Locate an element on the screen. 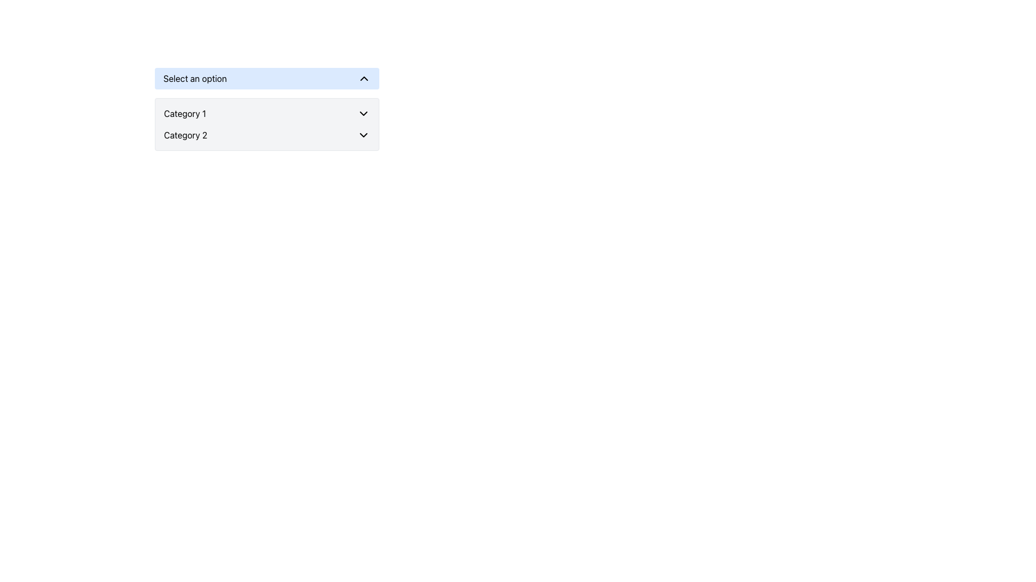 Image resolution: width=1036 pixels, height=582 pixels. the first option 'Category 1' in the dropdown menu titled 'Select an option' is located at coordinates (267, 114).